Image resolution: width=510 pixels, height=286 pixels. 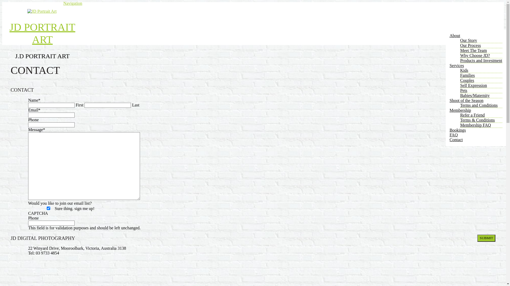 What do you see at coordinates (9, 33) in the screenshot?
I see `'JD PORTRAIT ART'` at bounding box center [9, 33].